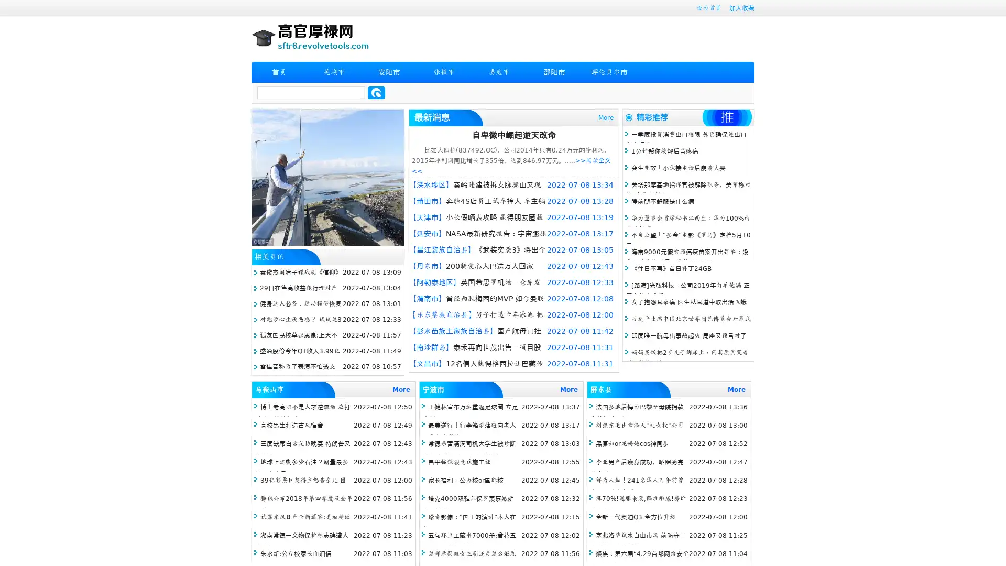 The image size is (1006, 566). I want to click on Search, so click(376, 92).